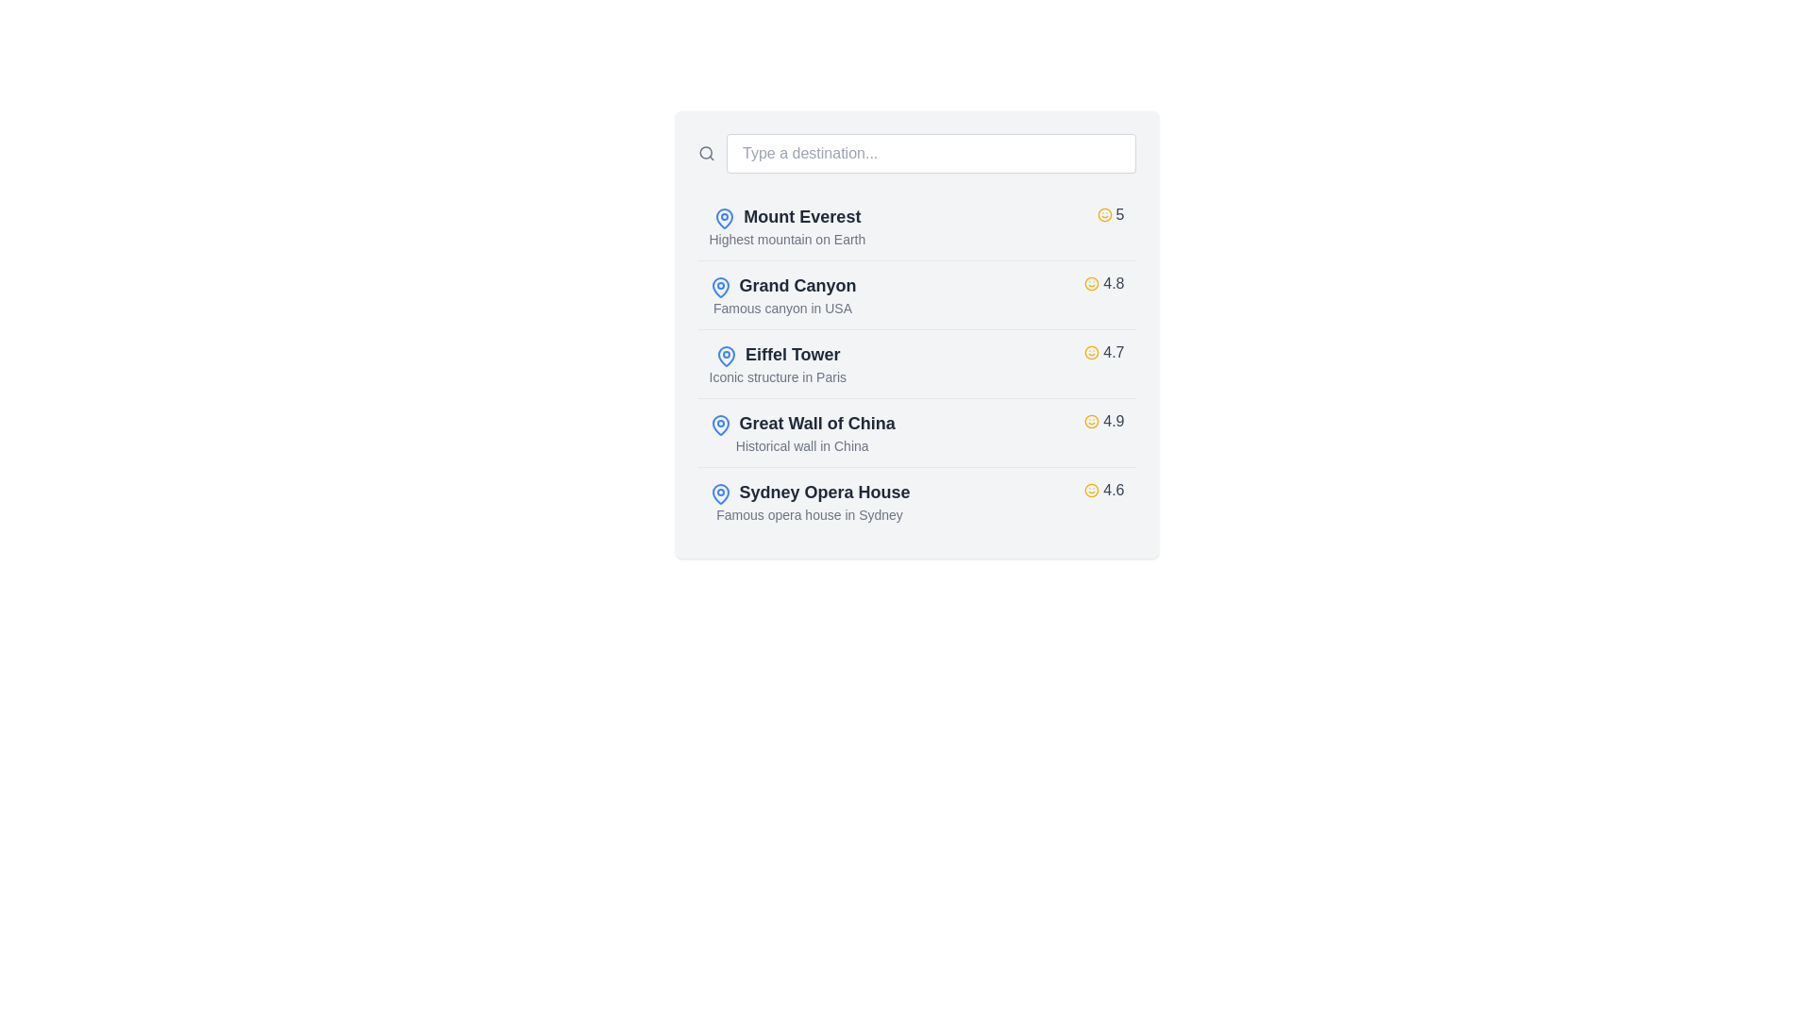 This screenshot has width=1812, height=1019. What do you see at coordinates (1092, 353) in the screenshot?
I see `the SVG circle element that represents the boundary of the smiley face icon for the rating of the 'Eiffel Tower' entry` at bounding box center [1092, 353].